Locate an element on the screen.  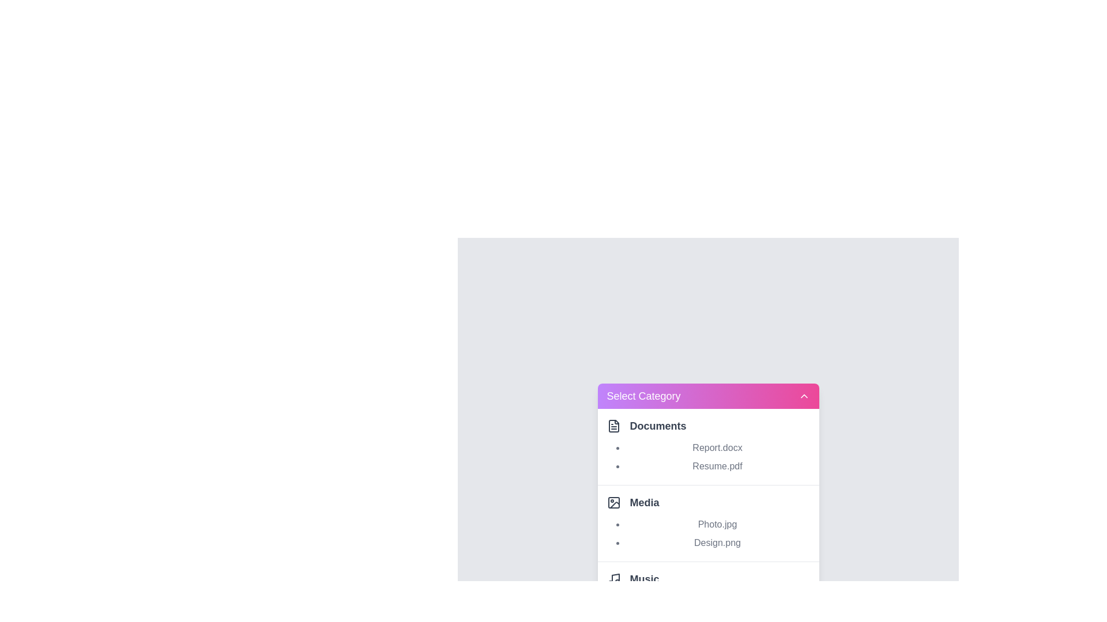
the text label identifying the media file 'Design.png' located under the 'Media' category list, which is positioned below 'Photo.jpg' is located at coordinates (717, 543).